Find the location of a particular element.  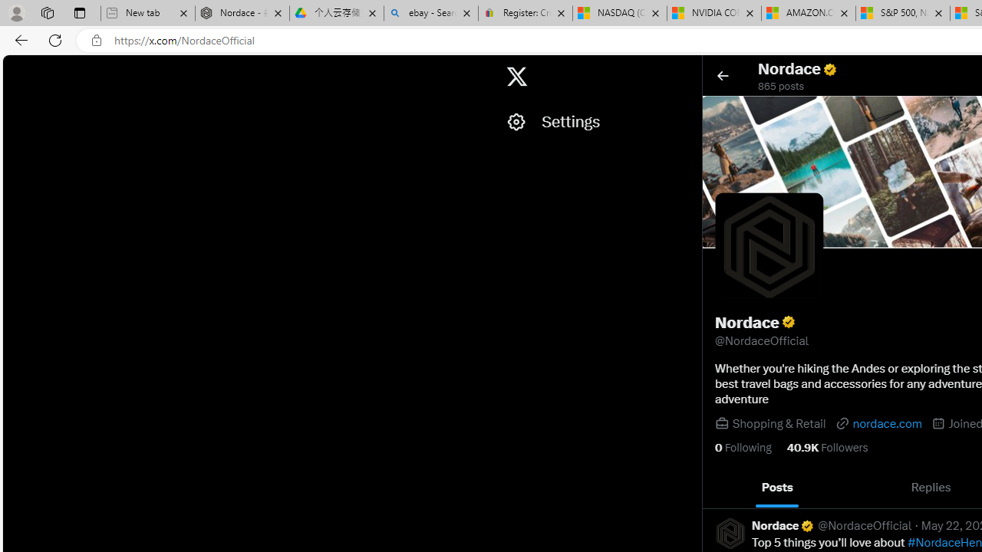

'40.9K Followers' is located at coordinates (826, 447).